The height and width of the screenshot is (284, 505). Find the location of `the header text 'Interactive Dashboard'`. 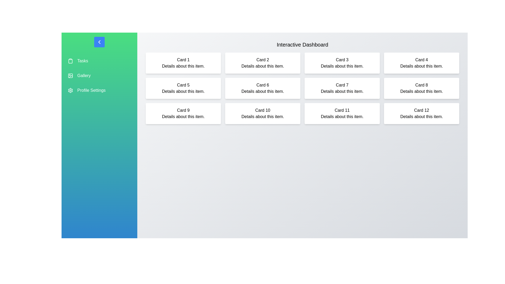

the header text 'Interactive Dashboard' is located at coordinates (302, 44).